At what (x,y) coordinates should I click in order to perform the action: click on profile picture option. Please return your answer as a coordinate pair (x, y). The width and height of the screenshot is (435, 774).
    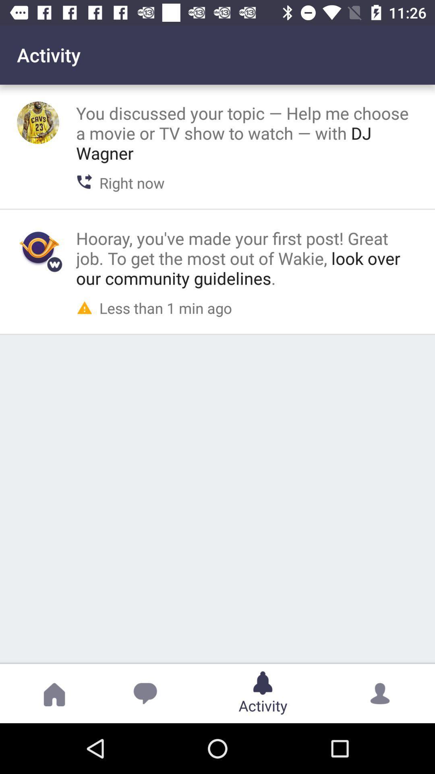
    Looking at the image, I should click on (38, 122).